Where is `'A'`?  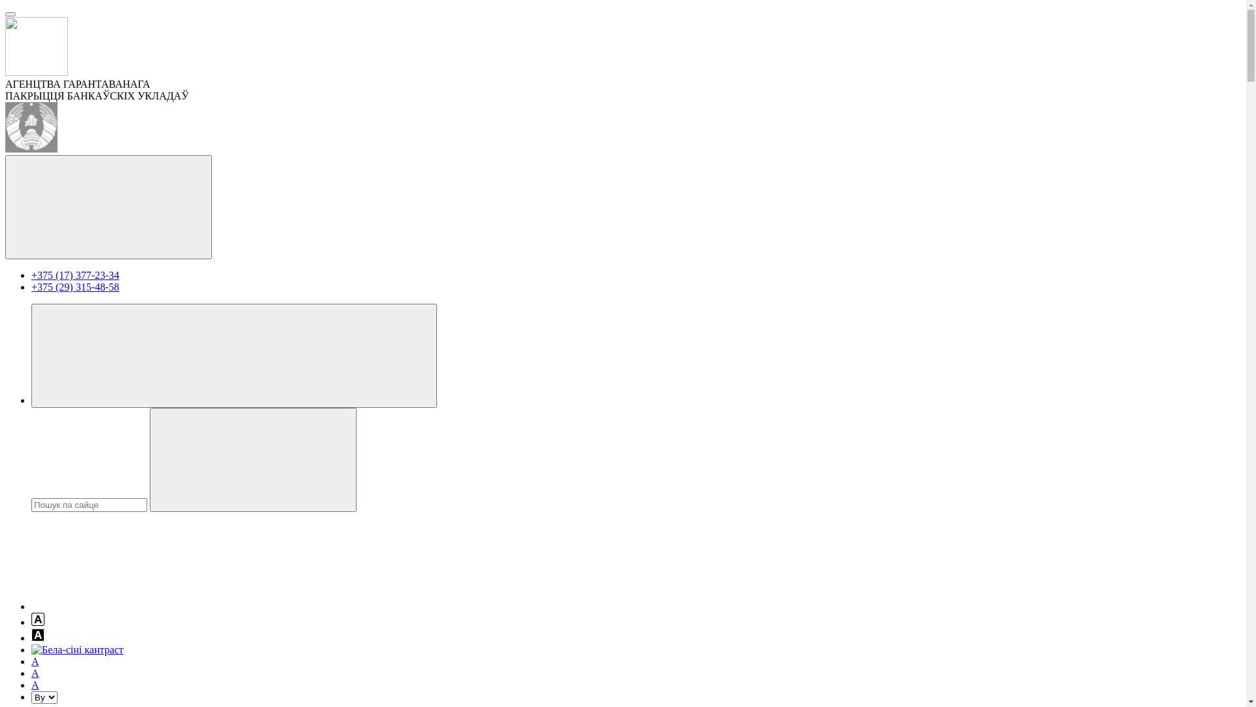 'A' is located at coordinates (35, 673).